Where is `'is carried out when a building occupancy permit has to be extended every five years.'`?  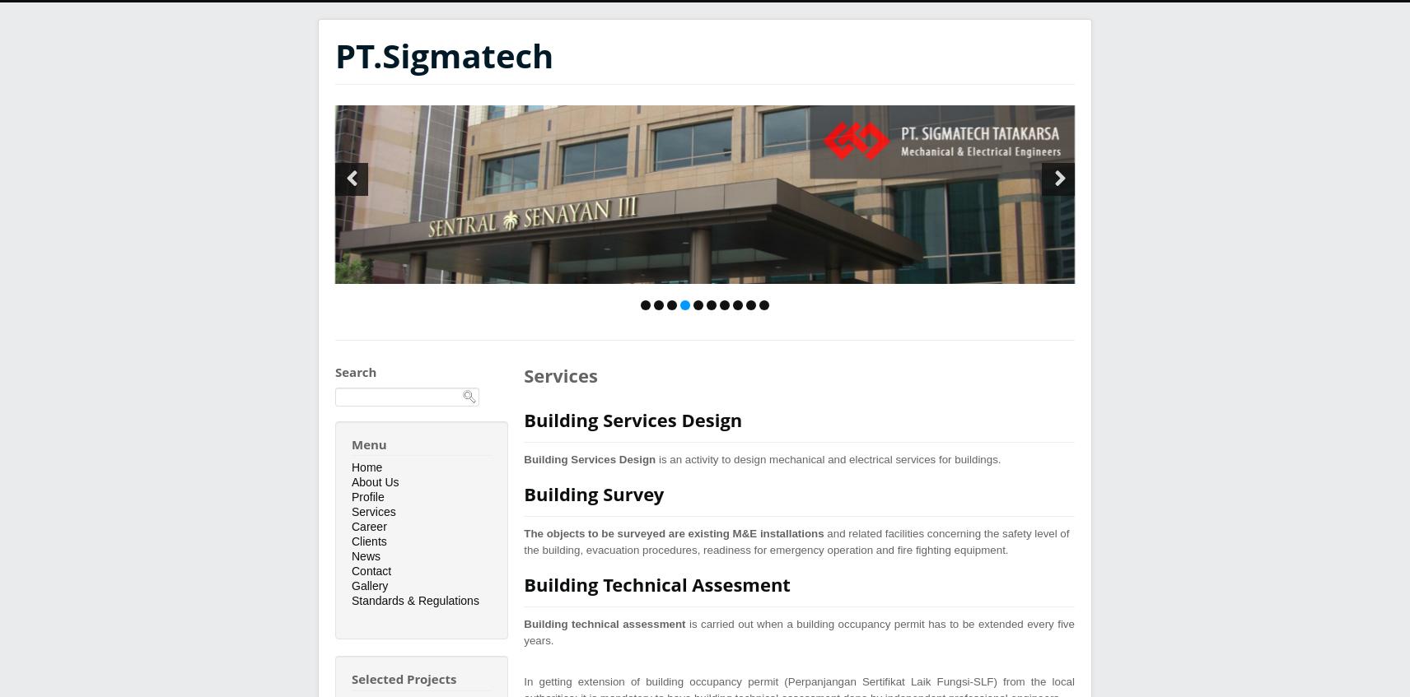 'is carried out when a building occupancy permit has to be extended every five years.' is located at coordinates (523, 631).